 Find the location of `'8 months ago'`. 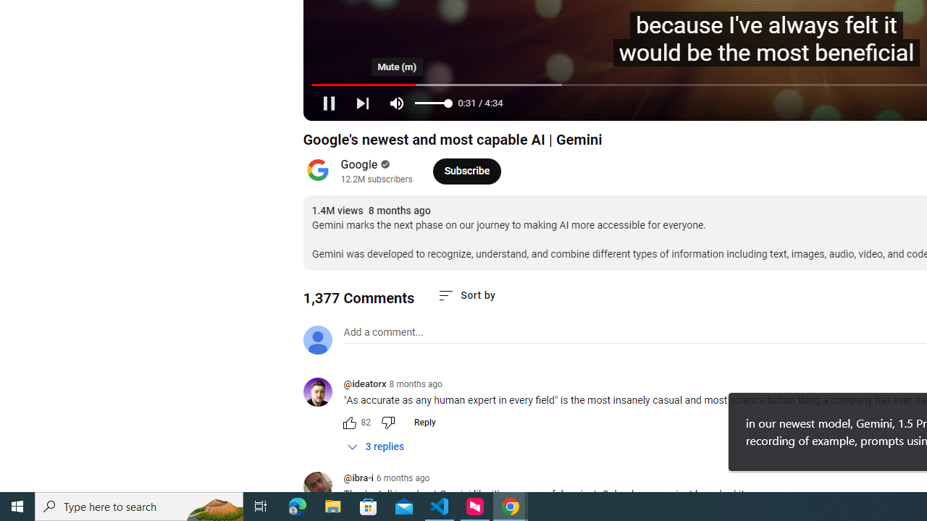

'8 months ago' is located at coordinates (415, 384).